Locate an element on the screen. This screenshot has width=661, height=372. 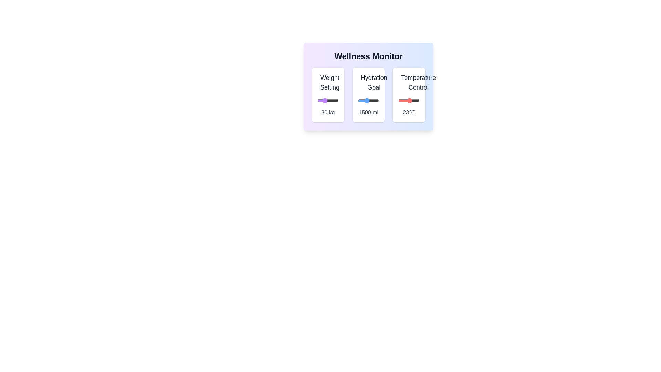
hydration goal is located at coordinates (364, 101).